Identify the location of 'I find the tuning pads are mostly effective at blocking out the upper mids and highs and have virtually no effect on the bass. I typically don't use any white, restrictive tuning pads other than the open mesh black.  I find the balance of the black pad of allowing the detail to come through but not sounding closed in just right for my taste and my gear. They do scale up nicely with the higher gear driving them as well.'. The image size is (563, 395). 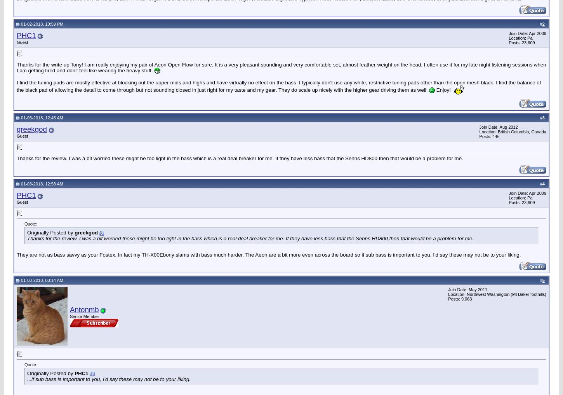
(278, 86).